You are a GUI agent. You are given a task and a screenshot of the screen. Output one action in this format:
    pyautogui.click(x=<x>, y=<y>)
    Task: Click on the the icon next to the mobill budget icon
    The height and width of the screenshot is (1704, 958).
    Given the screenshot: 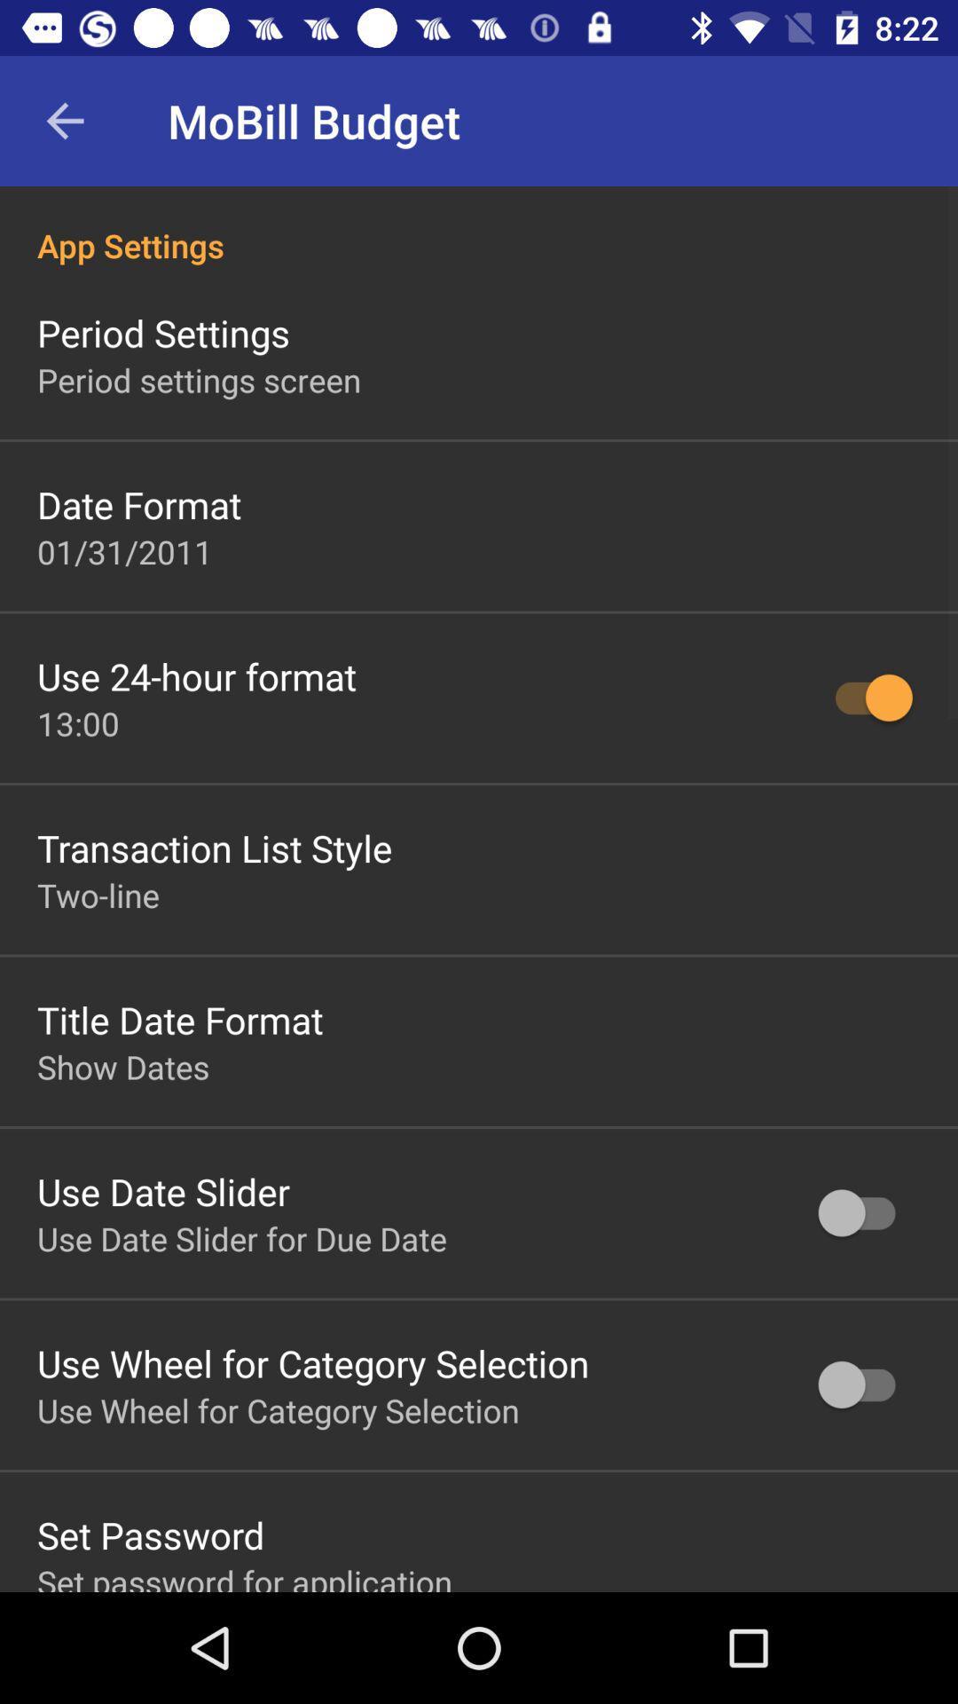 What is the action you would take?
    pyautogui.click(x=64, y=120)
    